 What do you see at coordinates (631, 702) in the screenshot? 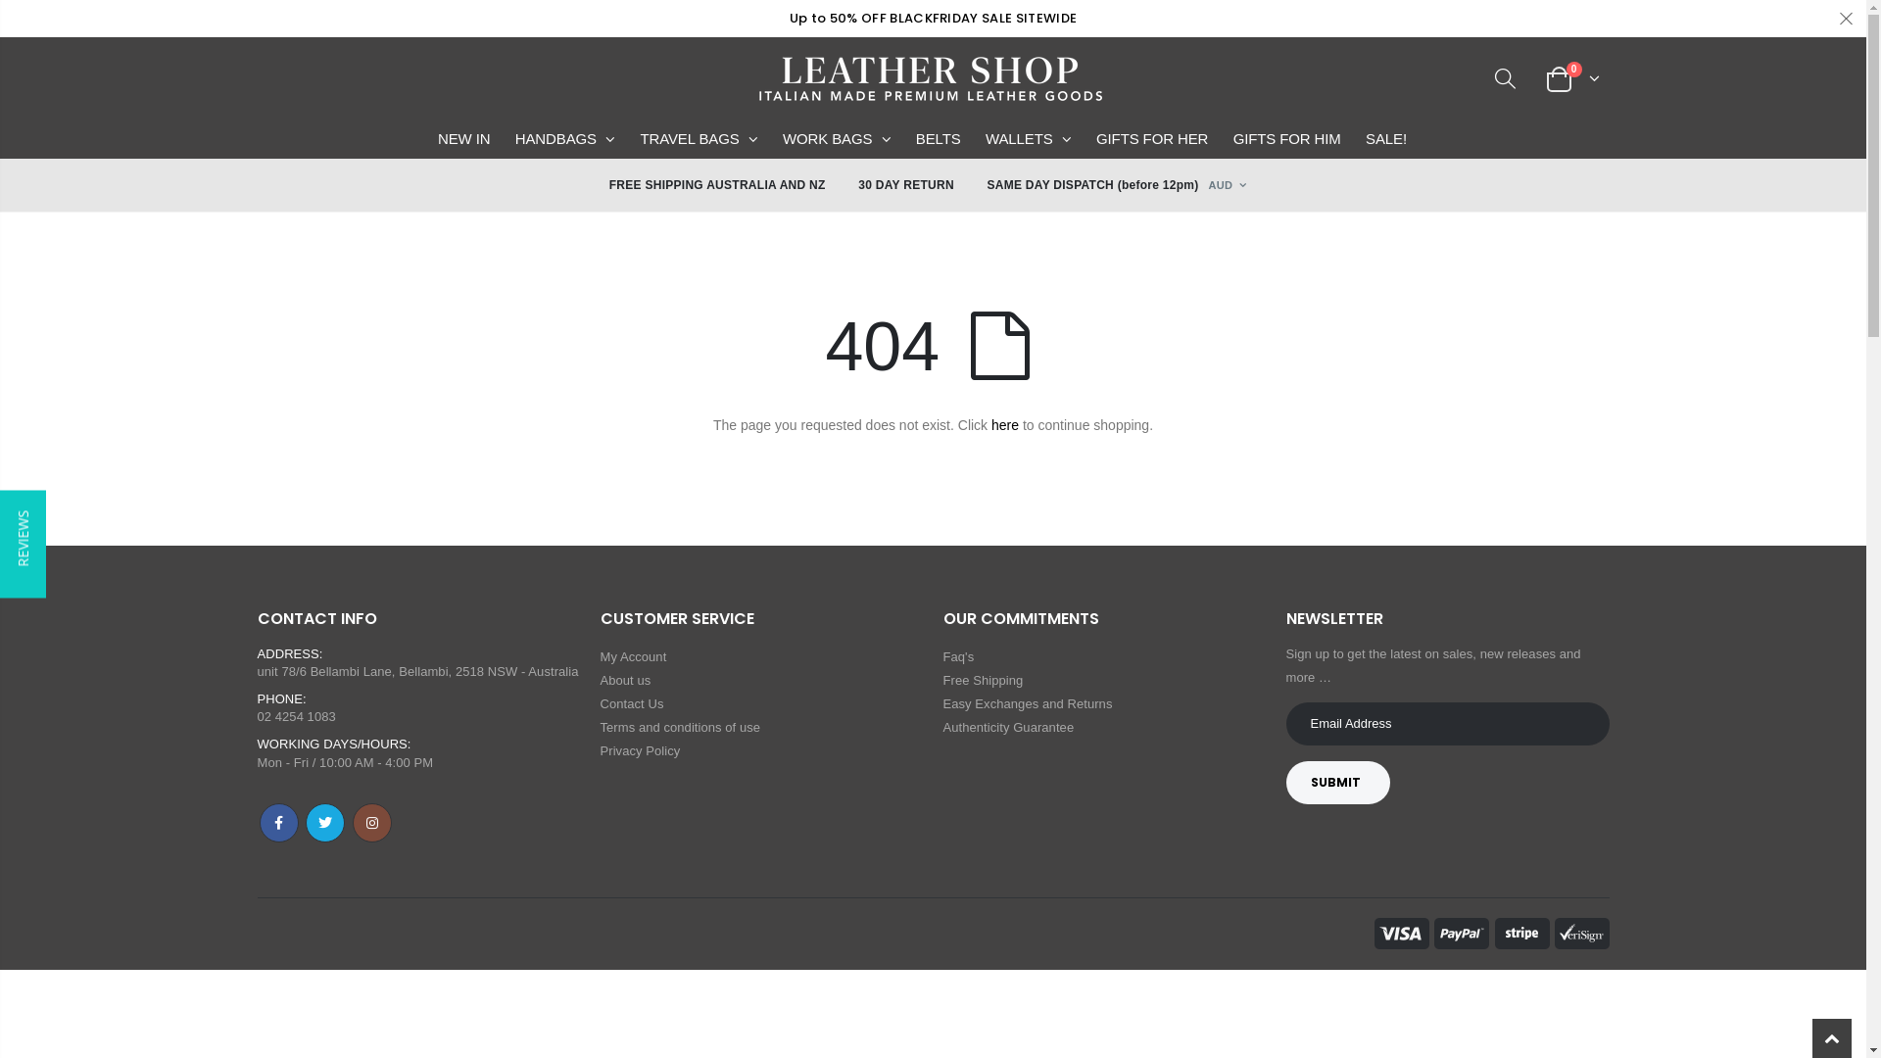
I see `'Contact Us'` at bounding box center [631, 702].